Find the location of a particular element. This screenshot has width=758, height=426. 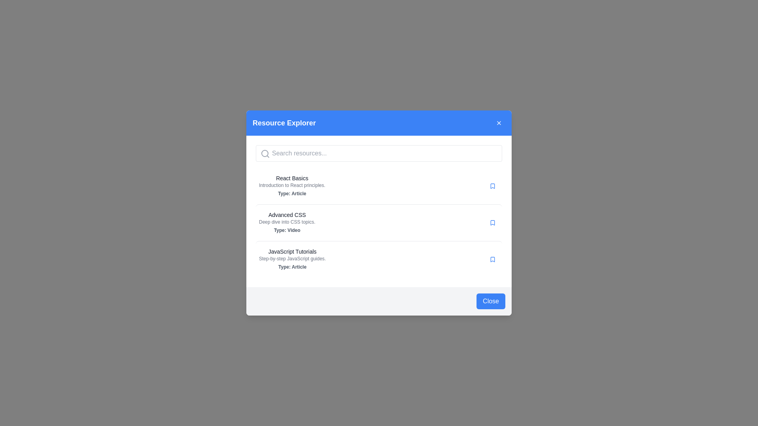

the Text label that serves as a title for the educational resource, located above the description 'Deep dive into CSS topics.' and the metadata 'Type: Video' is located at coordinates (287, 215).